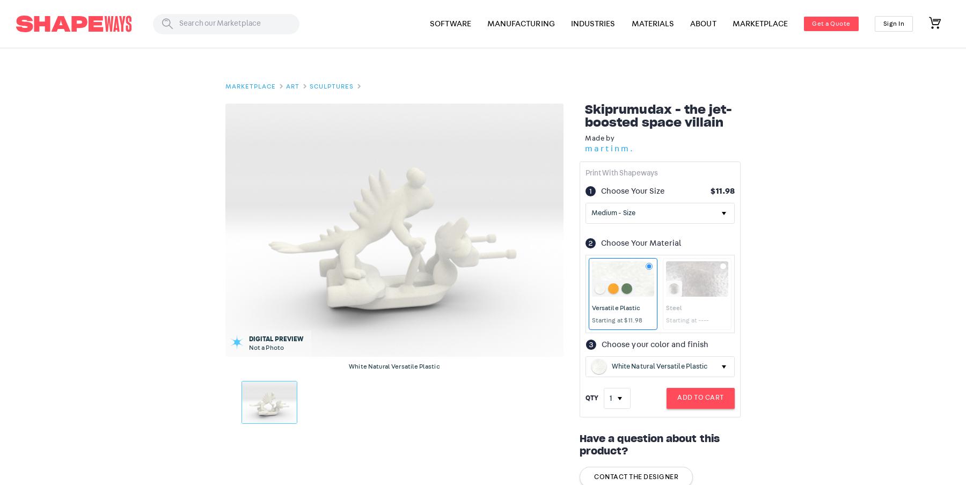 This screenshot has height=485, width=966. What do you see at coordinates (250, 86) in the screenshot?
I see `'Marketplace'` at bounding box center [250, 86].